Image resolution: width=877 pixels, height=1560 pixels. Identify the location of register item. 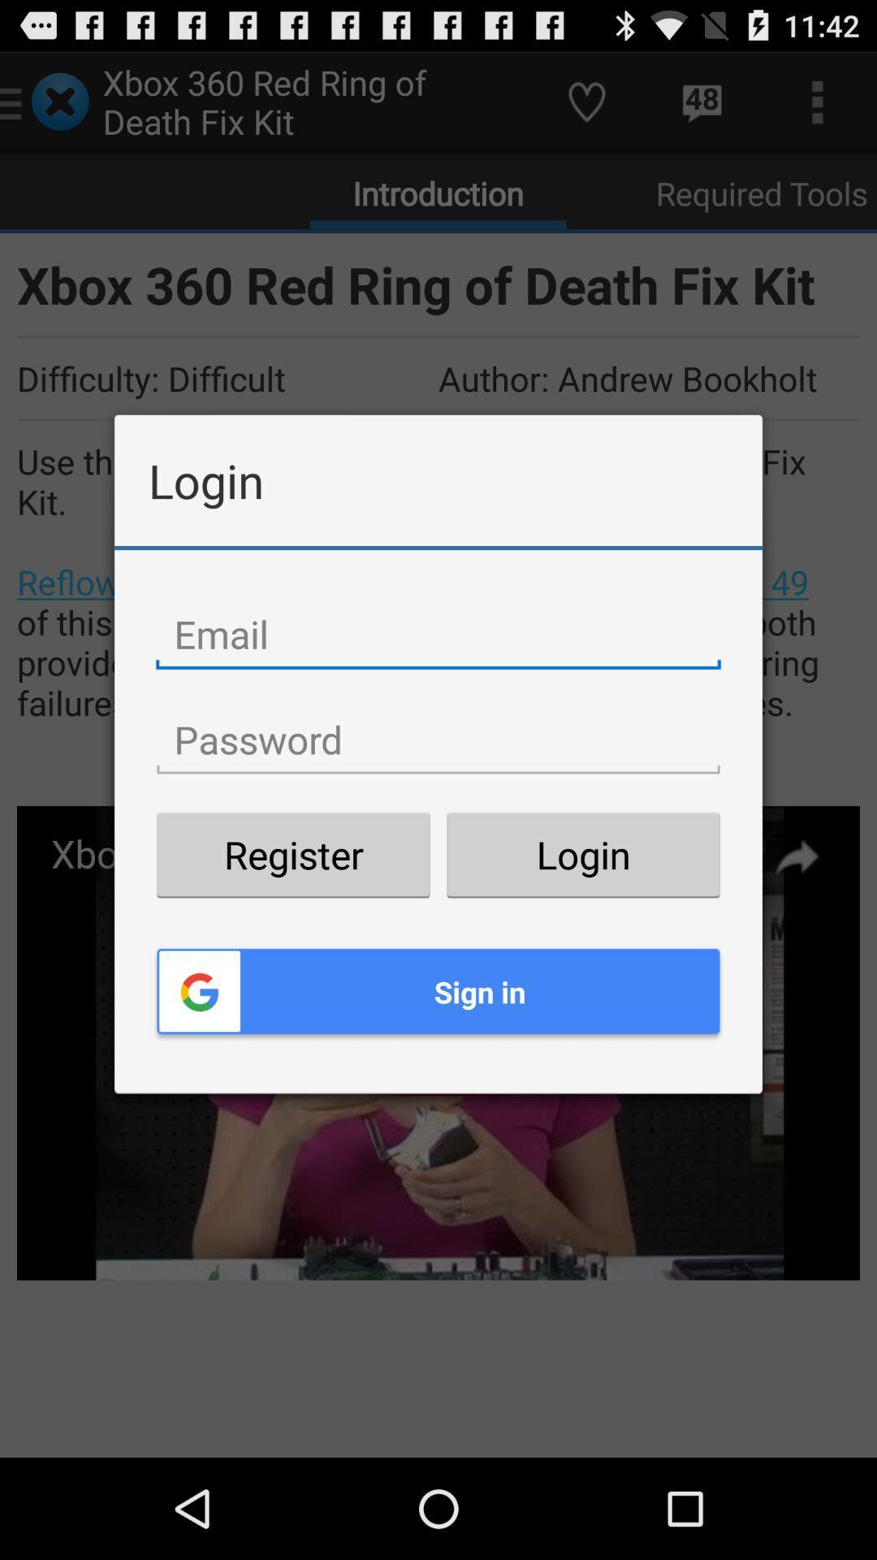
(293, 854).